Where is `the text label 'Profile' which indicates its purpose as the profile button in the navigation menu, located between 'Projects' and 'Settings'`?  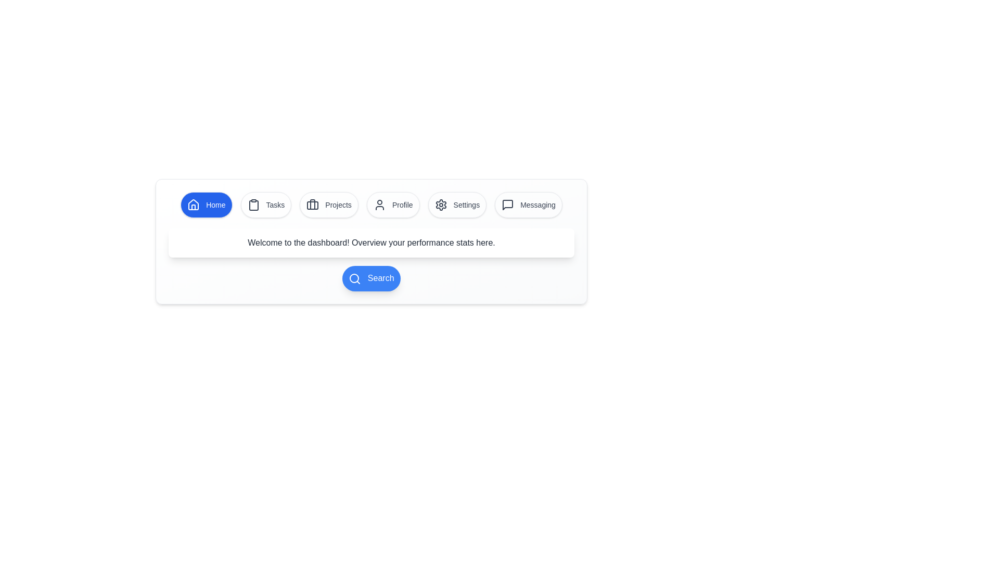 the text label 'Profile' which indicates its purpose as the profile button in the navigation menu, located between 'Projects' and 'Settings' is located at coordinates (402, 205).